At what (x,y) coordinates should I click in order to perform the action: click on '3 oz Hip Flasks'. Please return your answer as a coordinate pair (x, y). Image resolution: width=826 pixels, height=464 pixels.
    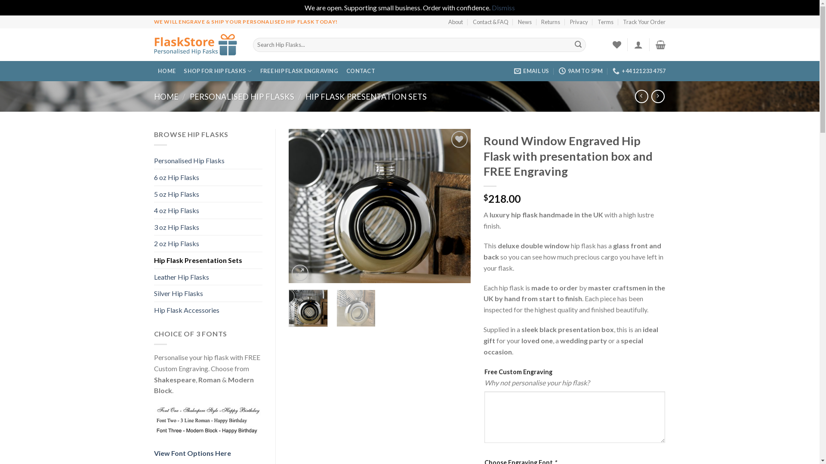
    Looking at the image, I should click on (208, 226).